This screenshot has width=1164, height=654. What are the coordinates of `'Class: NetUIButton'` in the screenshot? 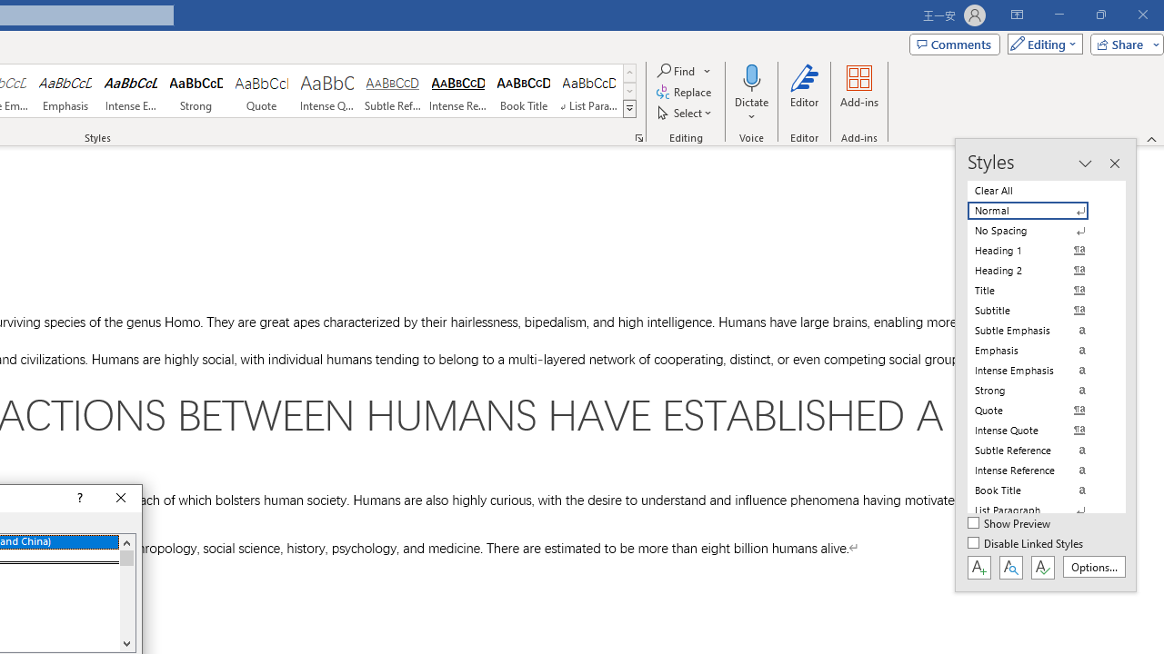 It's located at (1042, 566).